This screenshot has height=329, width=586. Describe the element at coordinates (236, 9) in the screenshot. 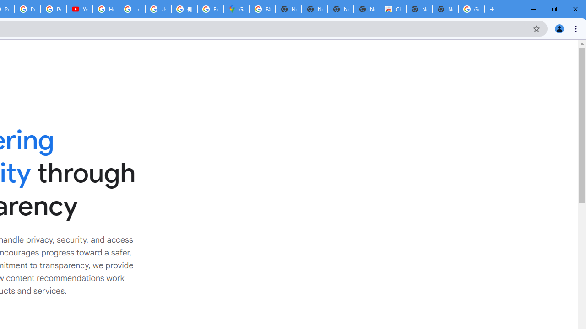

I see `'Google Maps'` at that location.